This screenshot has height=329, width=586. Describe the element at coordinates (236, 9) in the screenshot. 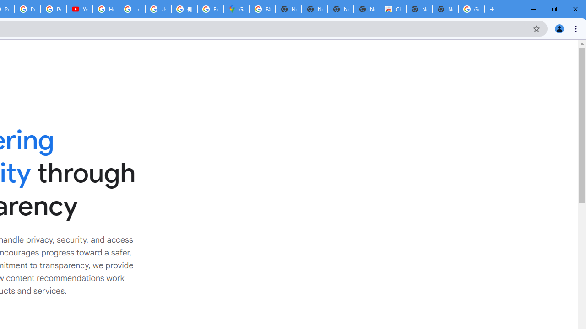

I see `'Google Maps'` at that location.